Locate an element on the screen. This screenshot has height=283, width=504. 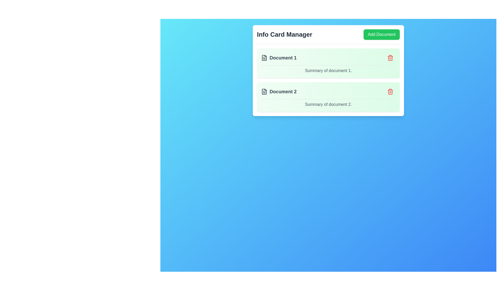
the document icon located to the left of the title text of the second document in the vertical list of document cards is located at coordinates (264, 91).